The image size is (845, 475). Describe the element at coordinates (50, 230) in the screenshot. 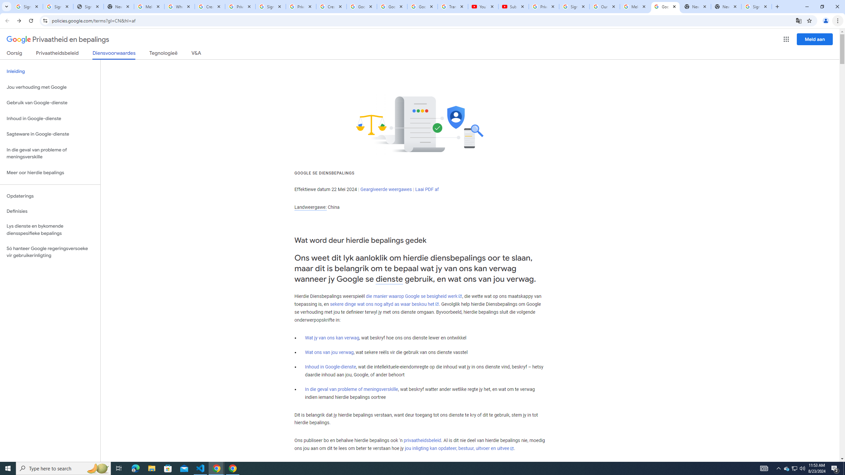

I see `'Lys dienste en bykomende diensspesifieke bepalings'` at that location.